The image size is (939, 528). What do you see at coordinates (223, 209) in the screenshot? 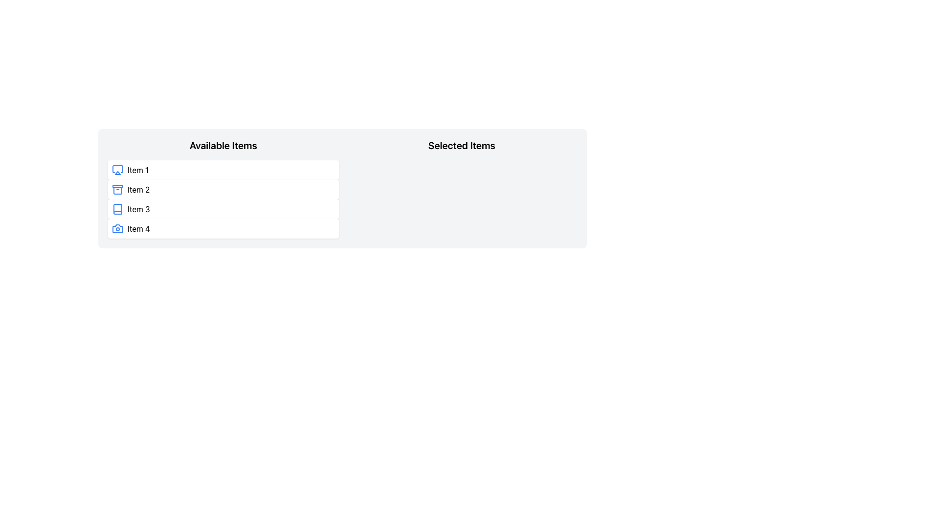
I see `the third item in the vertical list of selectable items within the 'Available Items' section` at bounding box center [223, 209].